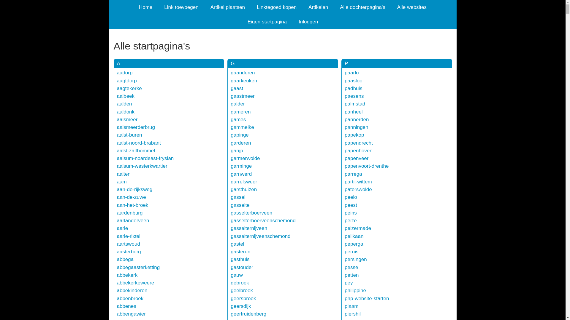 Image resolution: width=570 pixels, height=320 pixels. Describe the element at coordinates (125, 112) in the screenshot. I see `'aaldonk'` at that location.